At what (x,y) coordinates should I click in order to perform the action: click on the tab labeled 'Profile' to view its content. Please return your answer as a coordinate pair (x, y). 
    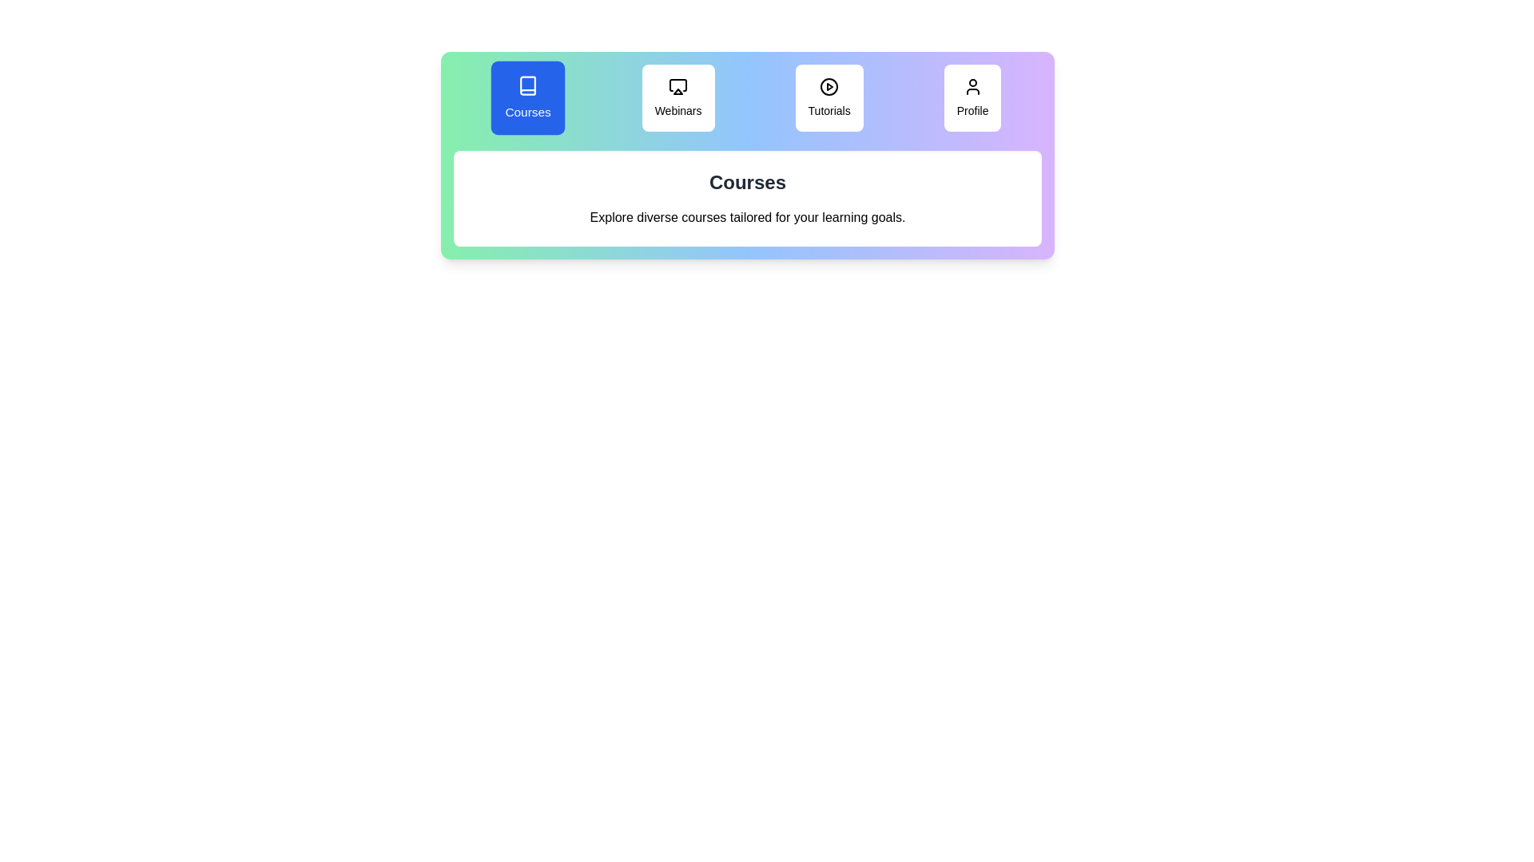
    Looking at the image, I should click on (972, 98).